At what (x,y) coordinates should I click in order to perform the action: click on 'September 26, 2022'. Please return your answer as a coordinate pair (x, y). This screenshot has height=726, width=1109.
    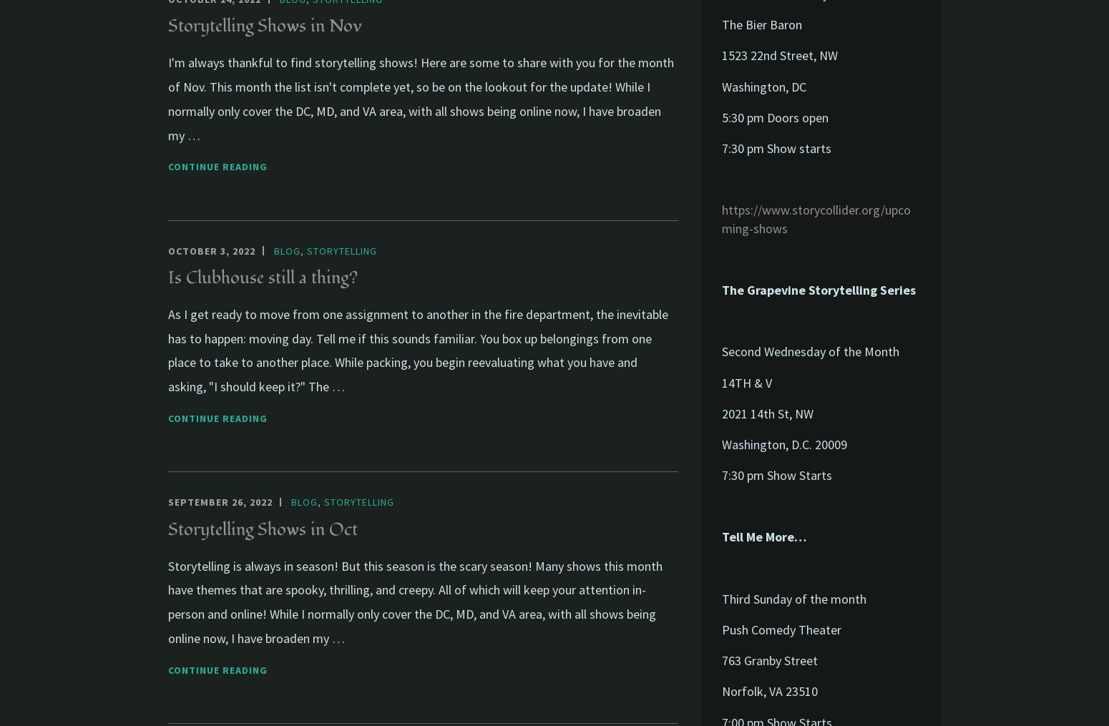
    Looking at the image, I should click on (220, 501).